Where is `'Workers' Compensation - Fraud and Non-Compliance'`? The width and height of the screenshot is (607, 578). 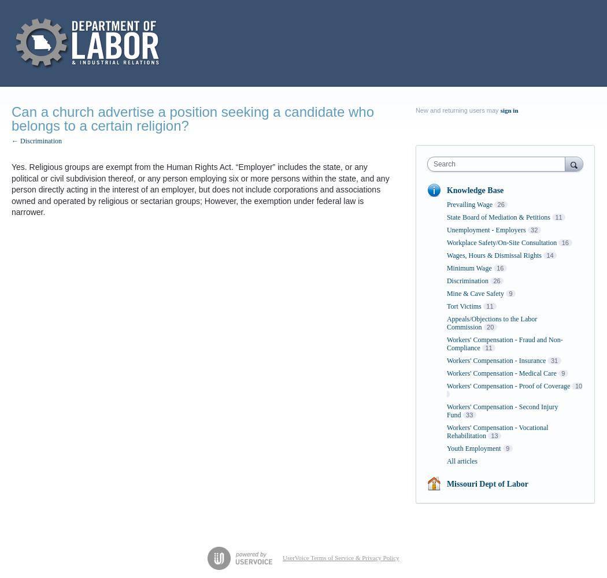
'Workers' Compensation - Fraud and Non-Compliance' is located at coordinates (504, 343).